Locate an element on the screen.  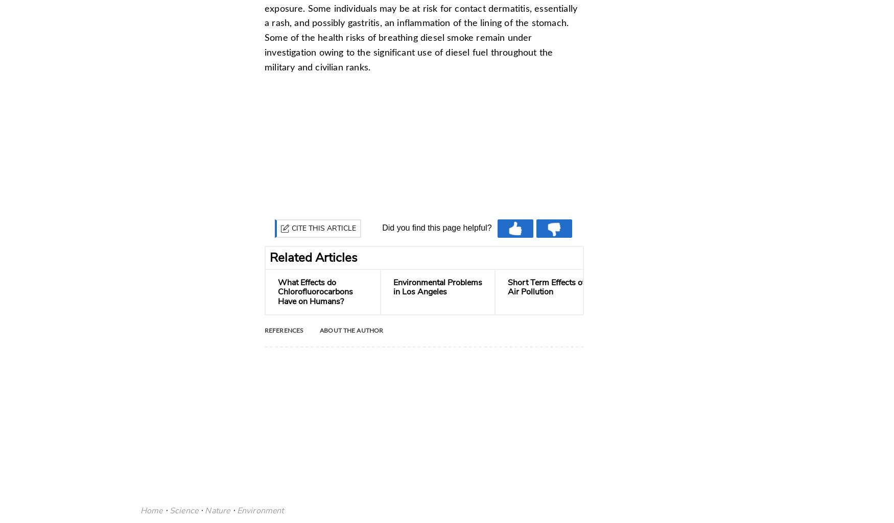
'Difference Between Industrial Smog & Photochemical...' is located at coordinates (771, 292).